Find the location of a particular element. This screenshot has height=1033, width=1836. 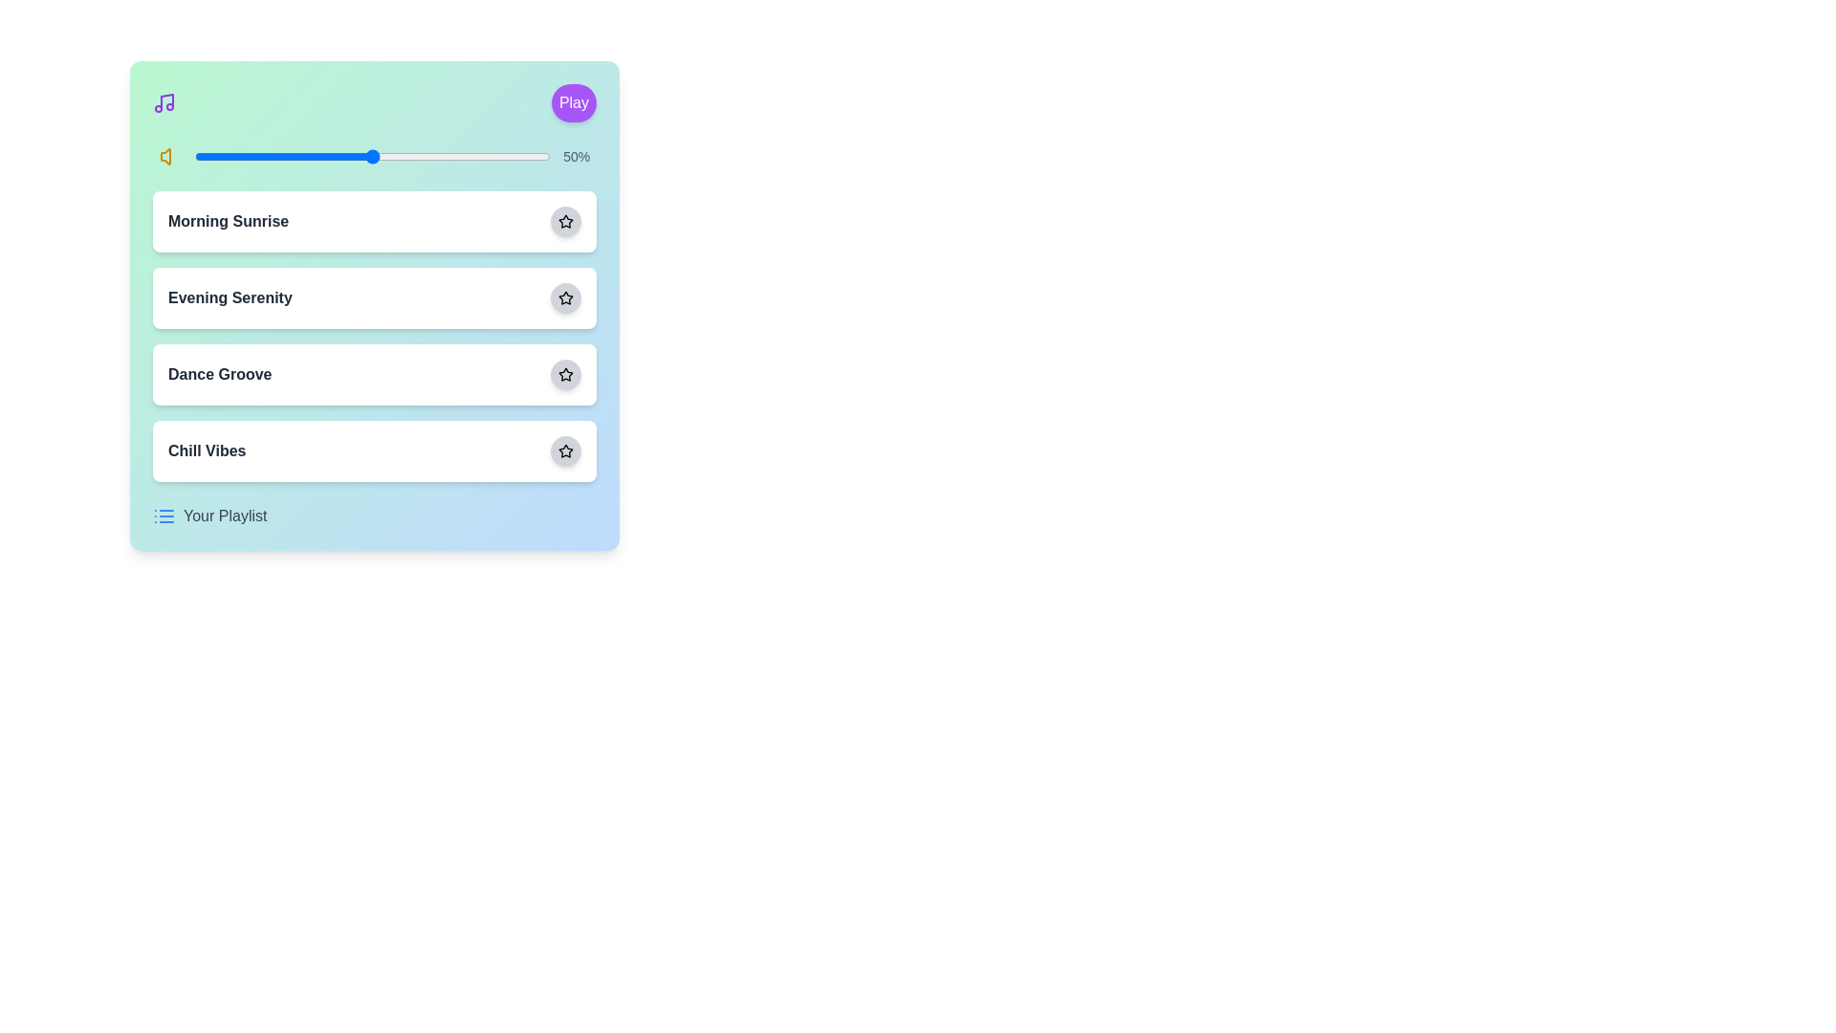

the slider is located at coordinates (514, 156).